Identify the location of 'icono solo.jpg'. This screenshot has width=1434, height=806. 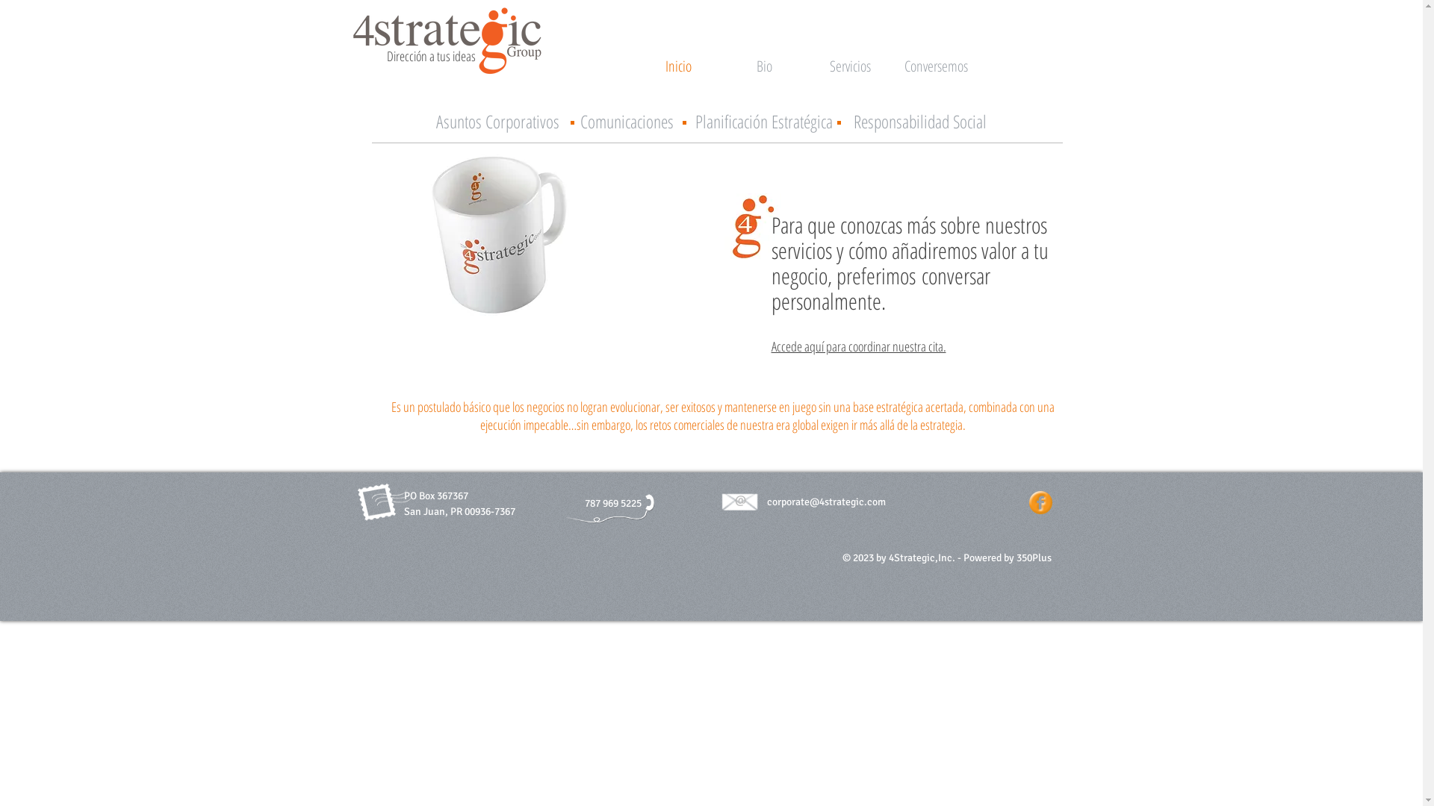
(753, 226).